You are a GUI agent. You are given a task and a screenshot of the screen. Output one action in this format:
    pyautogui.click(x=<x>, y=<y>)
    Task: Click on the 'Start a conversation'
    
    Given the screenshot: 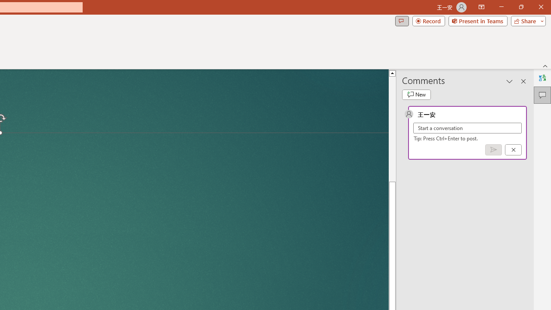 What is the action you would take?
    pyautogui.click(x=467, y=128)
    